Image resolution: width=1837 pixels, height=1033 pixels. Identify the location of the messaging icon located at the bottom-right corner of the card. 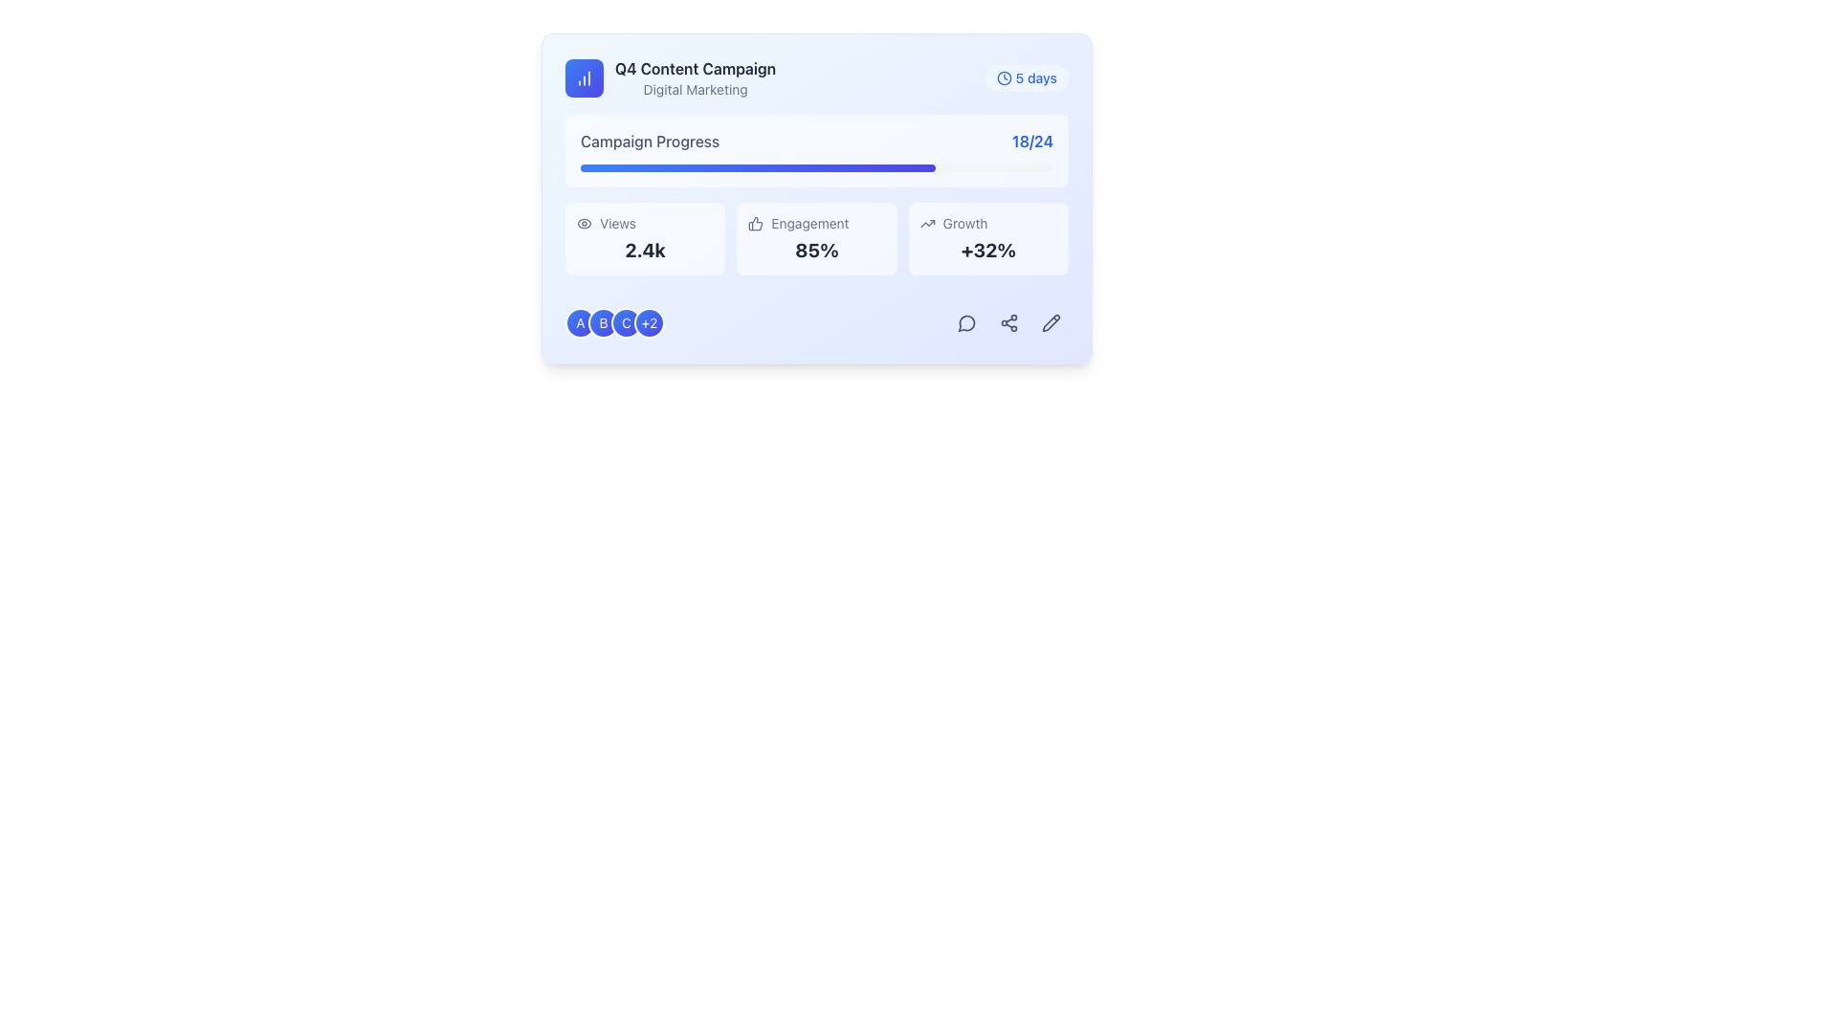
(967, 322).